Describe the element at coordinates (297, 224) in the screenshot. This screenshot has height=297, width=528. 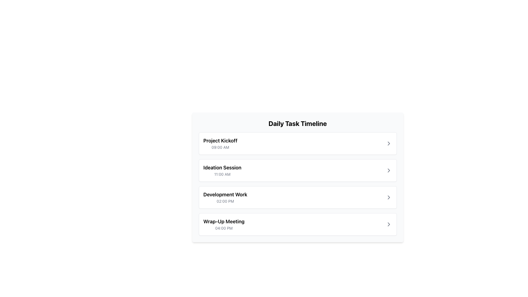
I see `the 'Wrap-Up Meeting' button in the 'Daily Task Timeline' section` at that location.